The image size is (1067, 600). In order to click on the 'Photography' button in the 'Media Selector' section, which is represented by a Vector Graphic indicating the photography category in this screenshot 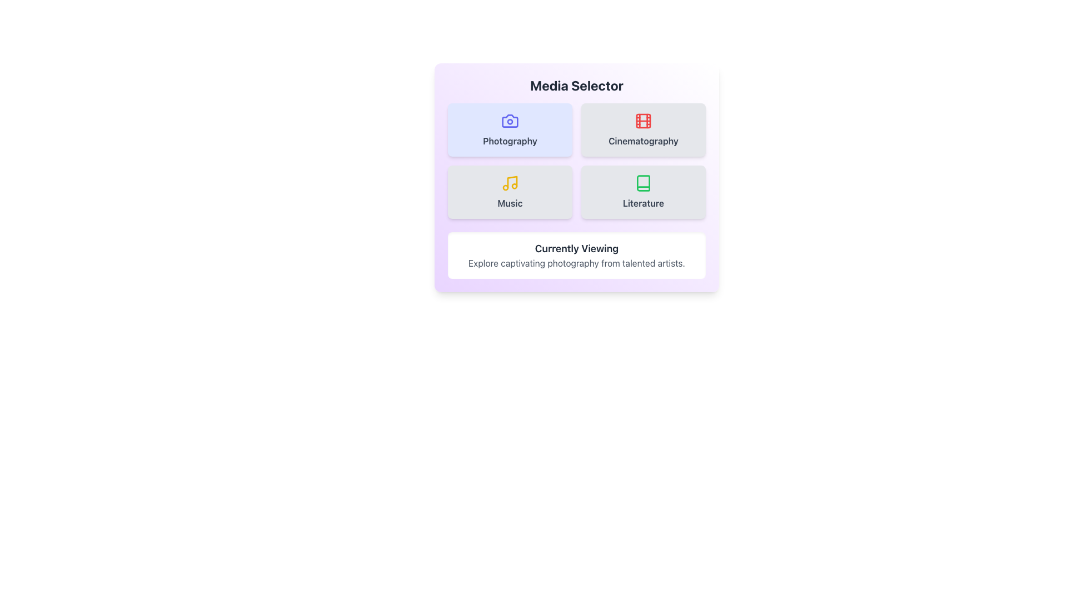, I will do `click(509, 121)`.